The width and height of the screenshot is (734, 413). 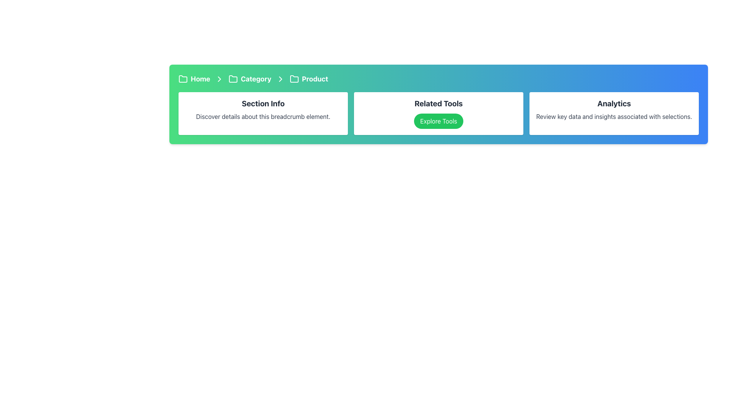 I want to click on the chevron-shaped arrow icon pointing to the right, which is located in the breadcrumb navigation bar between the 'Home' and 'Category' labels, so click(x=219, y=79).